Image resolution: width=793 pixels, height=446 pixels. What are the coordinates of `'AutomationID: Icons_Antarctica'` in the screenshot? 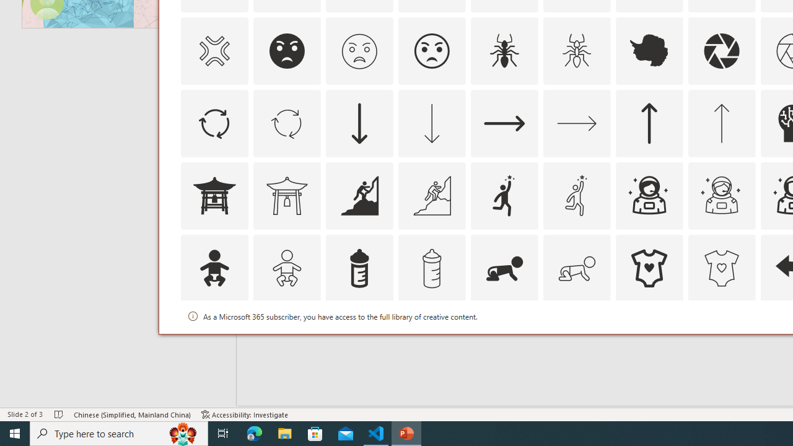 It's located at (649, 50).